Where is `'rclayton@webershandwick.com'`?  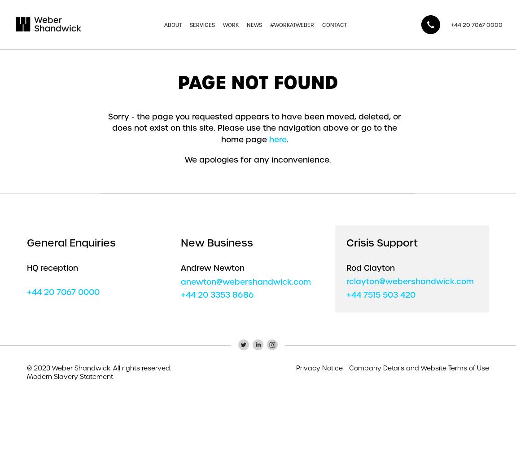
'rclayton@webershandwick.com' is located at coordinates (409, 282).